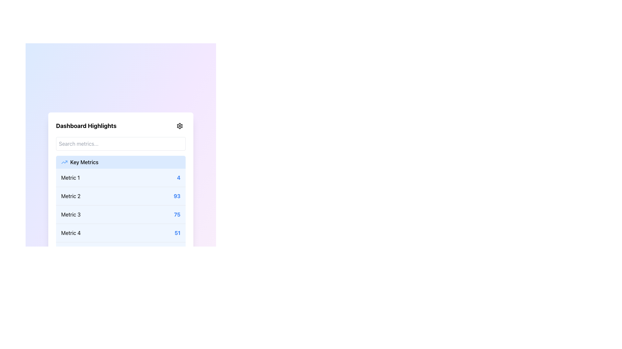 Image resolution: width=622 pixels, height=349 pixels. I want to click on specific metric values, so click(121, 226).